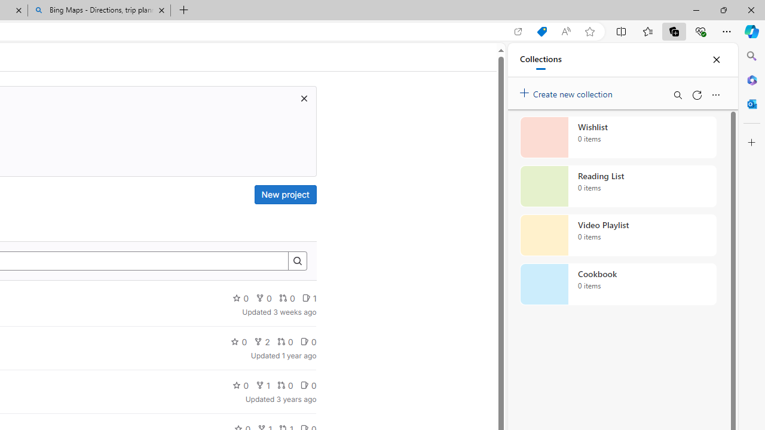 The height and width of the screenshot is (430, 765). What do you see at coordinates (751, 103) in the screenshot?
I see `'Outlook'` at bounding box center [751, 103].